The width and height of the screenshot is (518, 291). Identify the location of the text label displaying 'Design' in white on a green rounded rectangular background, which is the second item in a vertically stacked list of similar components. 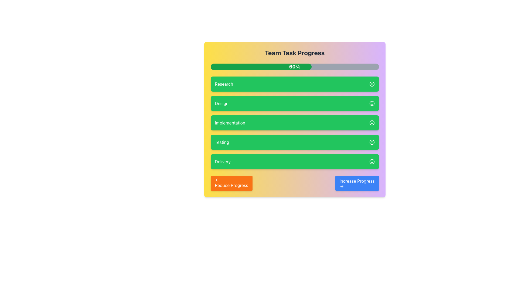
(221, 103).